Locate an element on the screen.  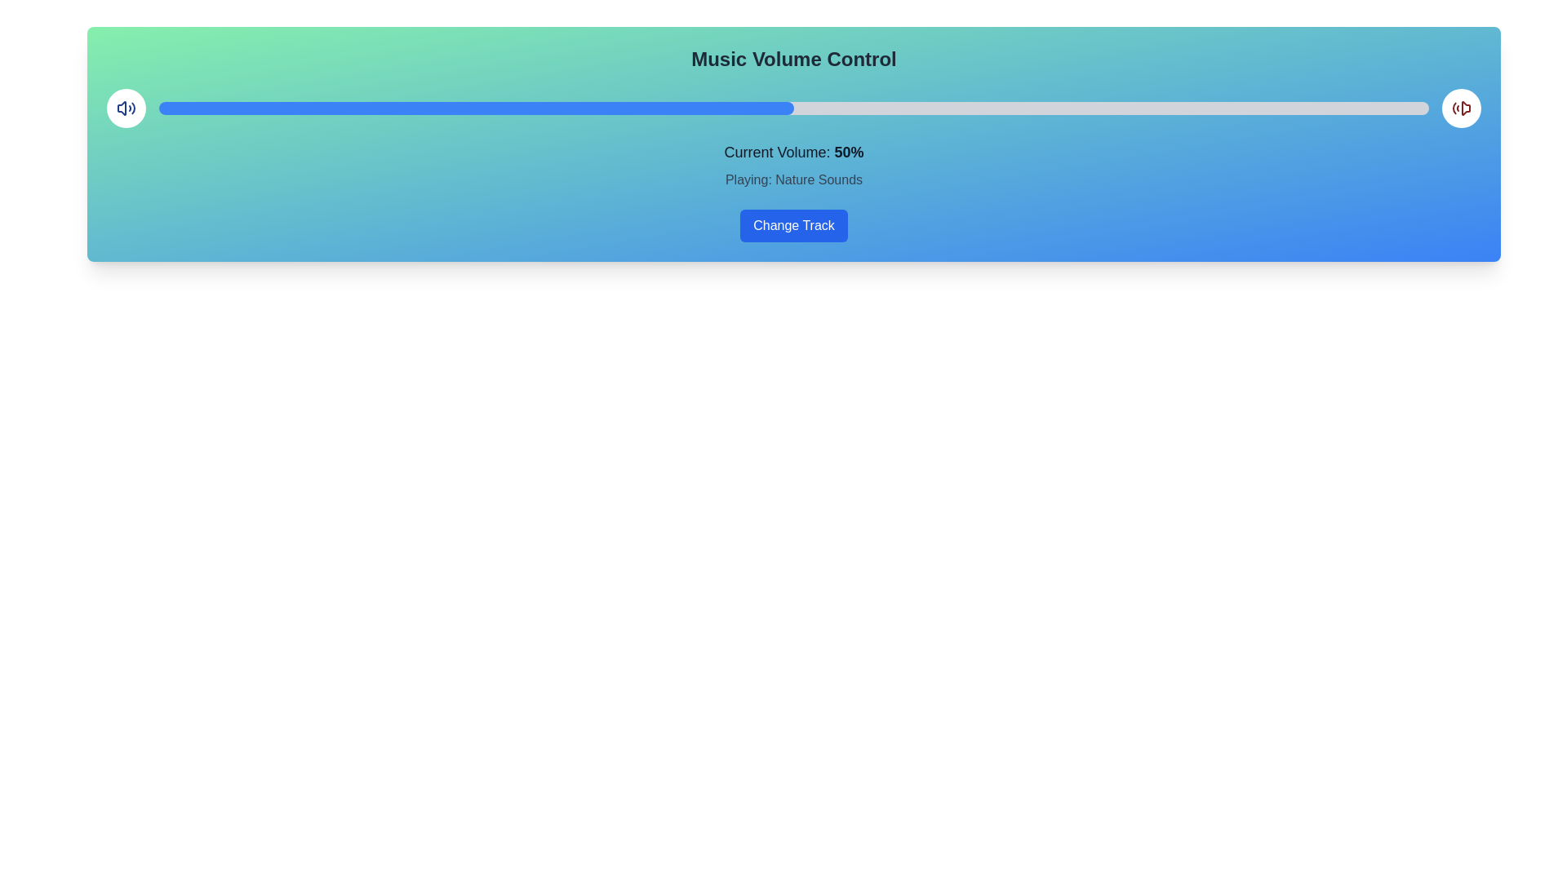
the blue speaker icon, which is part of a circular white button is located at coordinates (125, 108).